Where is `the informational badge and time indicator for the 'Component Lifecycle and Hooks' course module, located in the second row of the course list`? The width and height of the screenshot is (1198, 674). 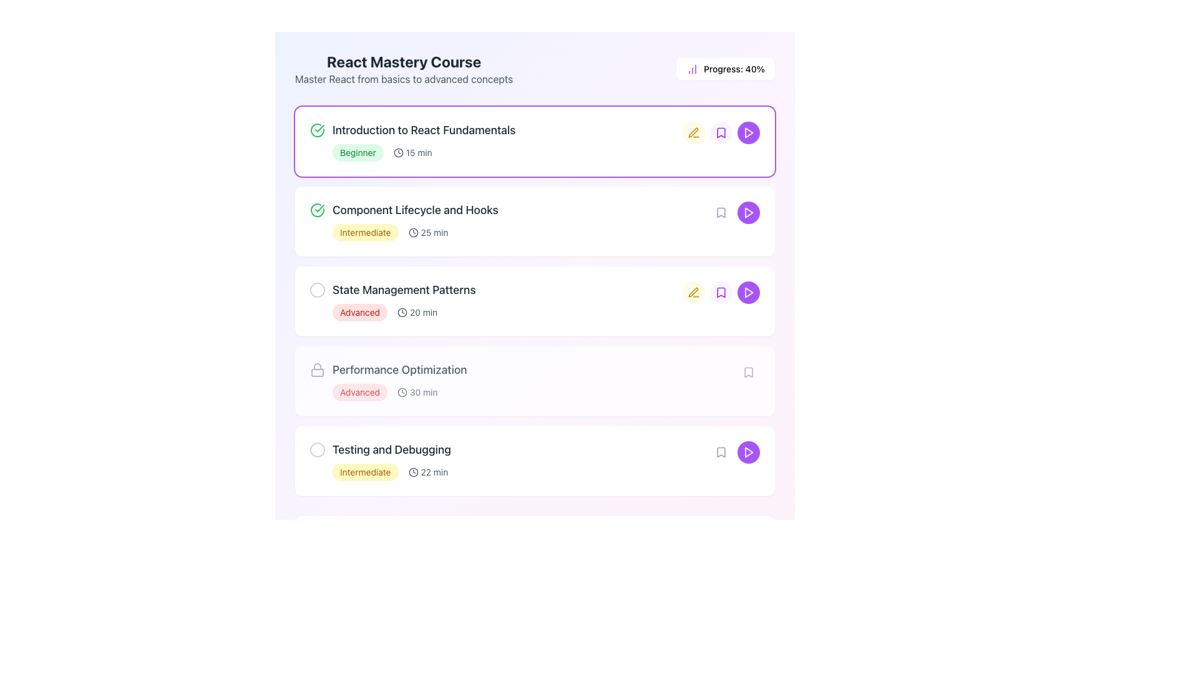
the informational badge and time indicator for the 'Component Lifecycle and Hooks' course module, located in the second row of the course list is located at coordinates (521, 233).